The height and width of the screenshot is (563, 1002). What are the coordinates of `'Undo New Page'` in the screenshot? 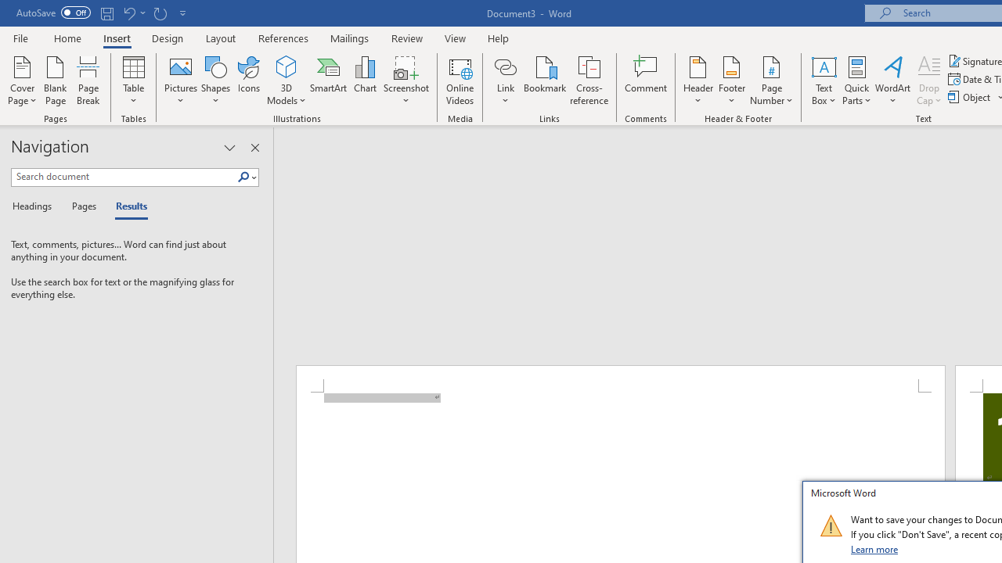 It's located at (133, 13).